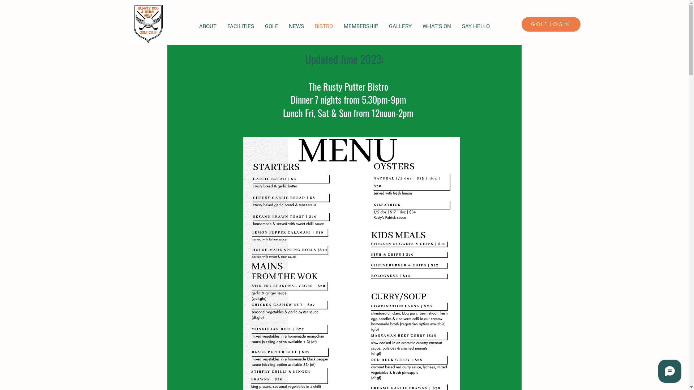 The height and width of the screenshot is (390, 694). Describe the element at coordinates (361, 26) in the screenshot. I see `'MEMBERSHIP'` at that location.